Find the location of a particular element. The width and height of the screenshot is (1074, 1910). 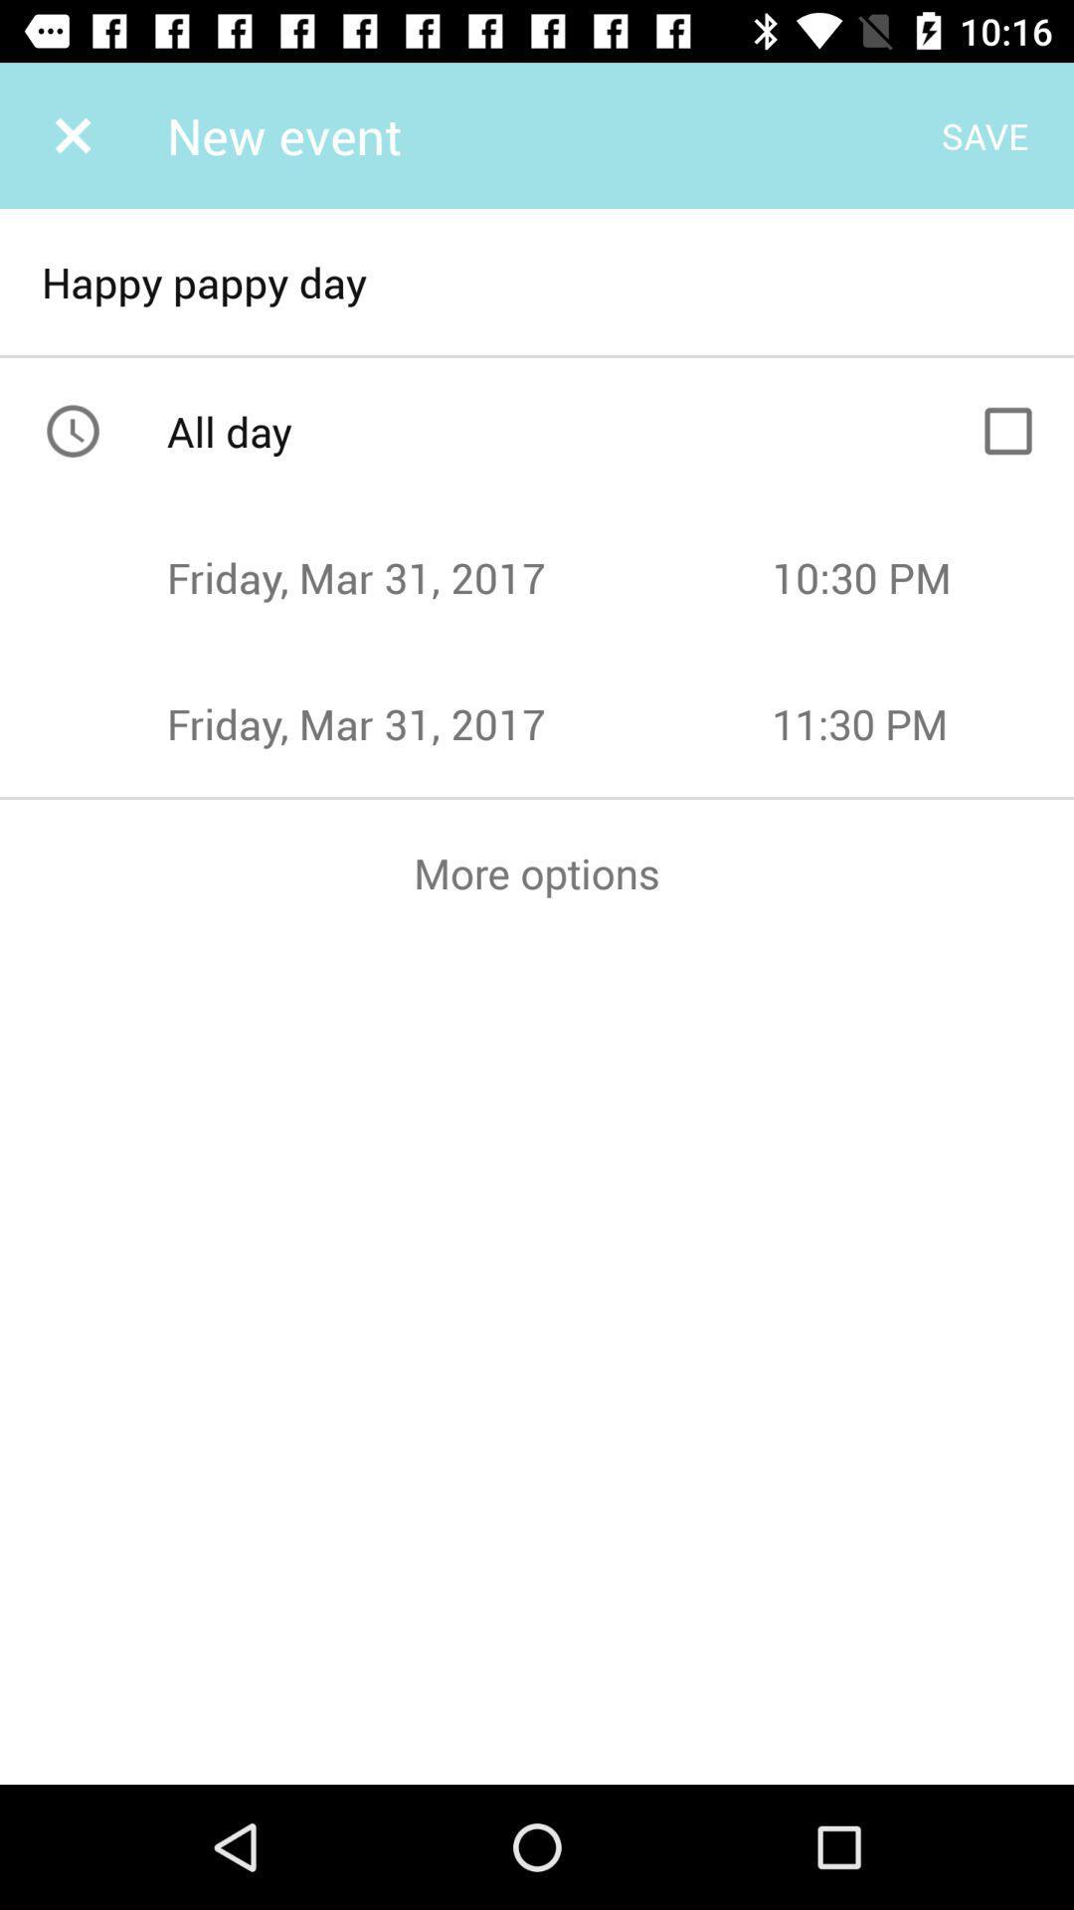

close icon is located at coordinates (72, 134).